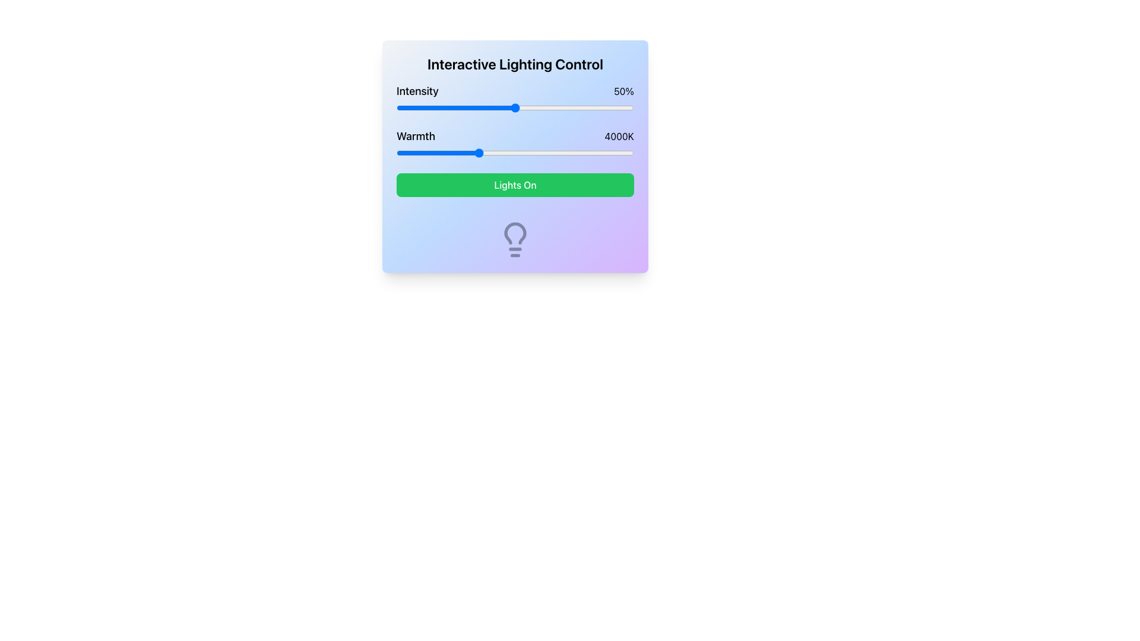  What do you see at coordinates (616, 153) in the screenshot?
I see `warmth` at bounding box center [616, 153].